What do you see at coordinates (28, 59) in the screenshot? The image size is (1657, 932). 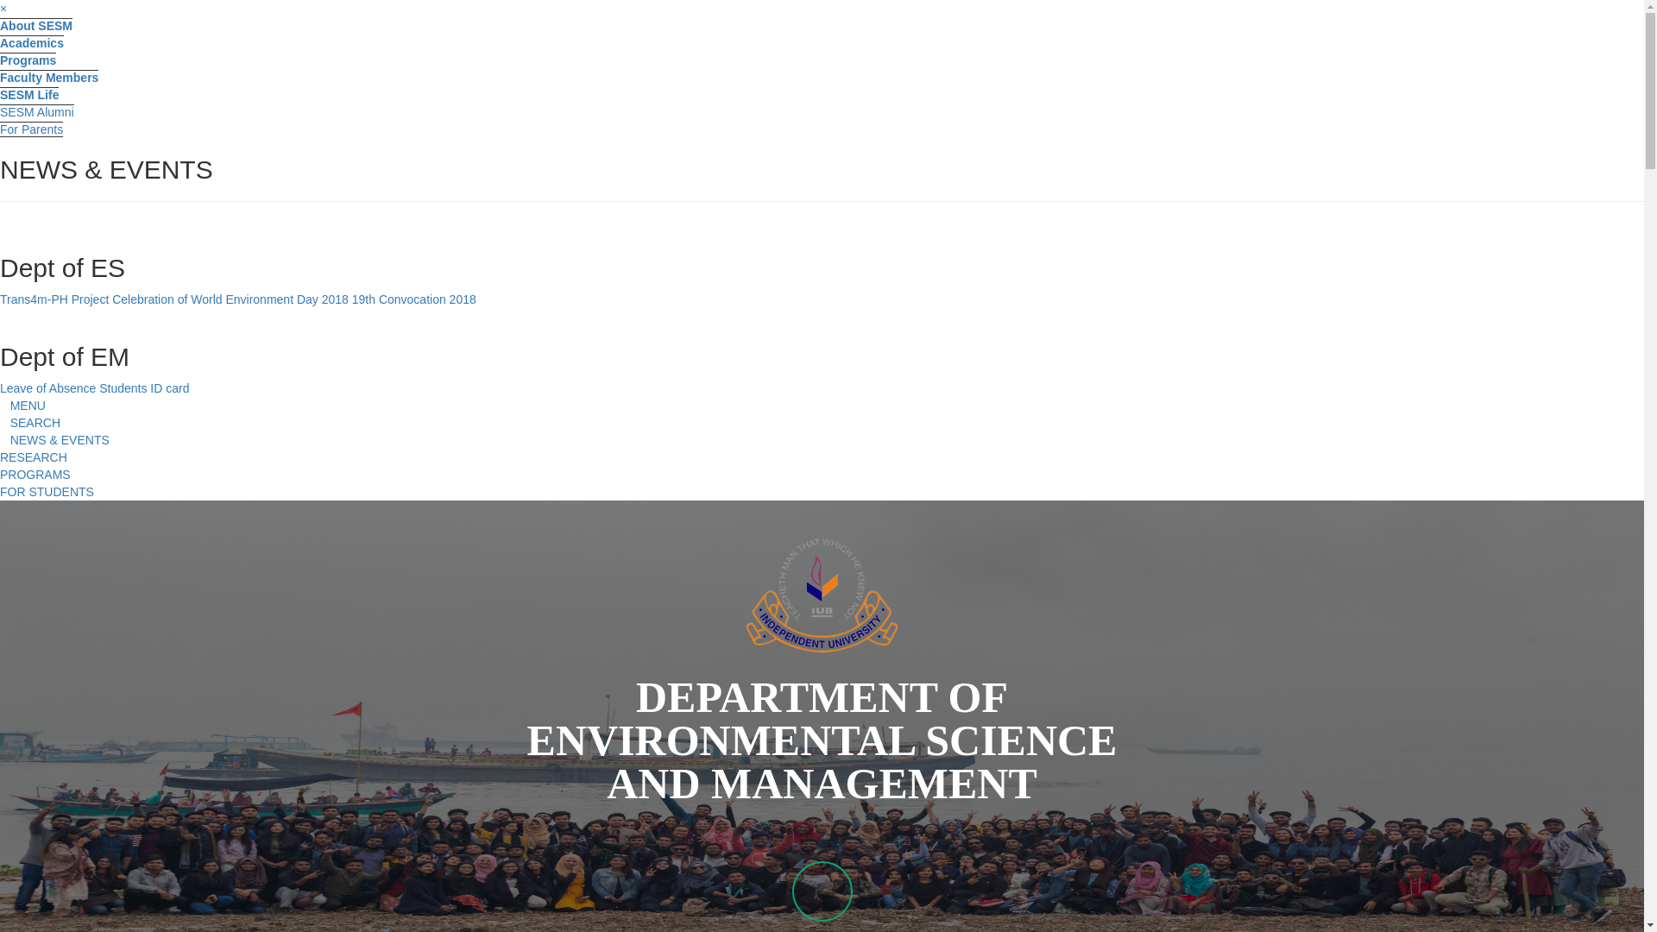 I see `'Programs'` at bounding box center [28, 59].